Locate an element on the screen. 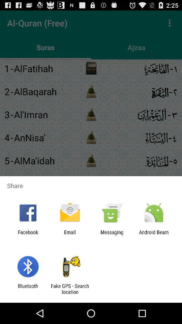 The height and width of the screenshot is (324, 182). fake gps search app is located at coordinates (69, 289).